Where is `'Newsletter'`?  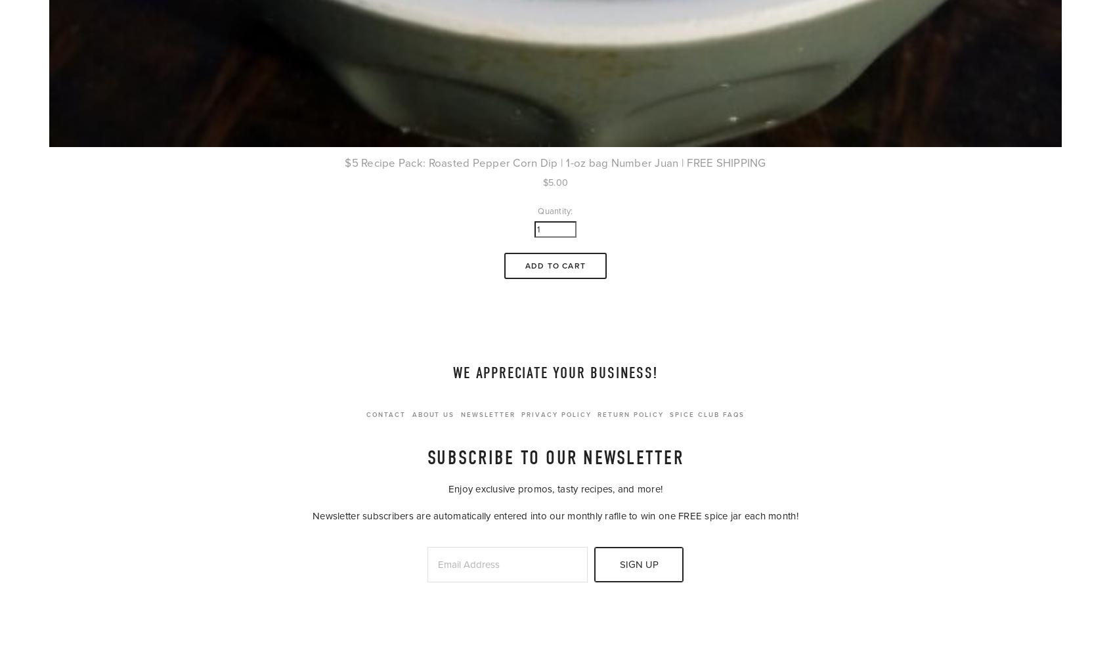
'Newsletter' is located at coordinates (461, 414).